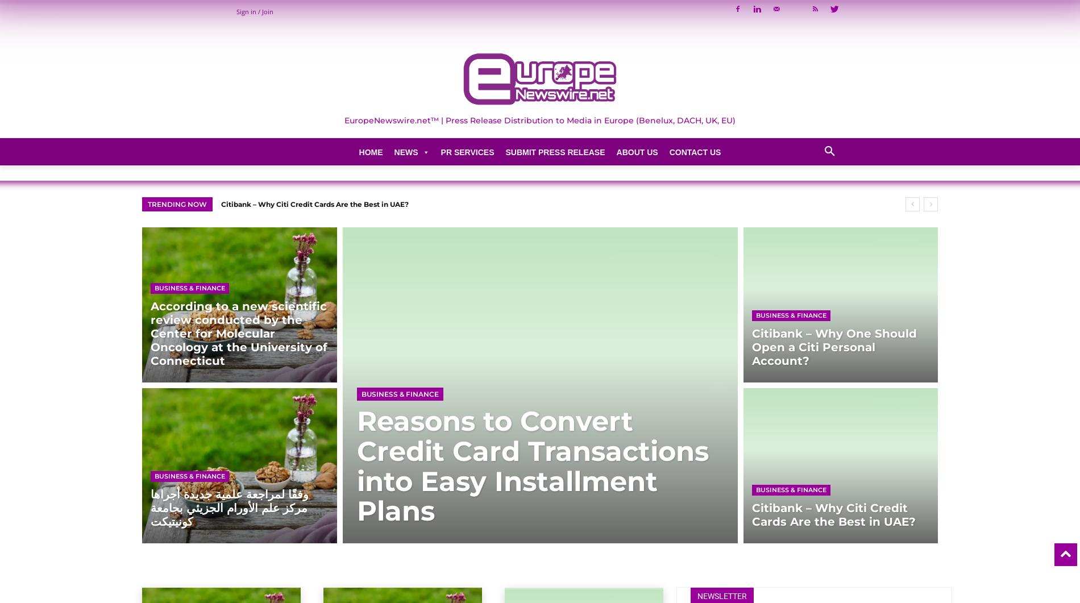 The image size is (1080, 603). What do you see at coordinates (416, 295) in the screenshot?
I see `'Cryptocurrency'` at bounding box center [416, 295].